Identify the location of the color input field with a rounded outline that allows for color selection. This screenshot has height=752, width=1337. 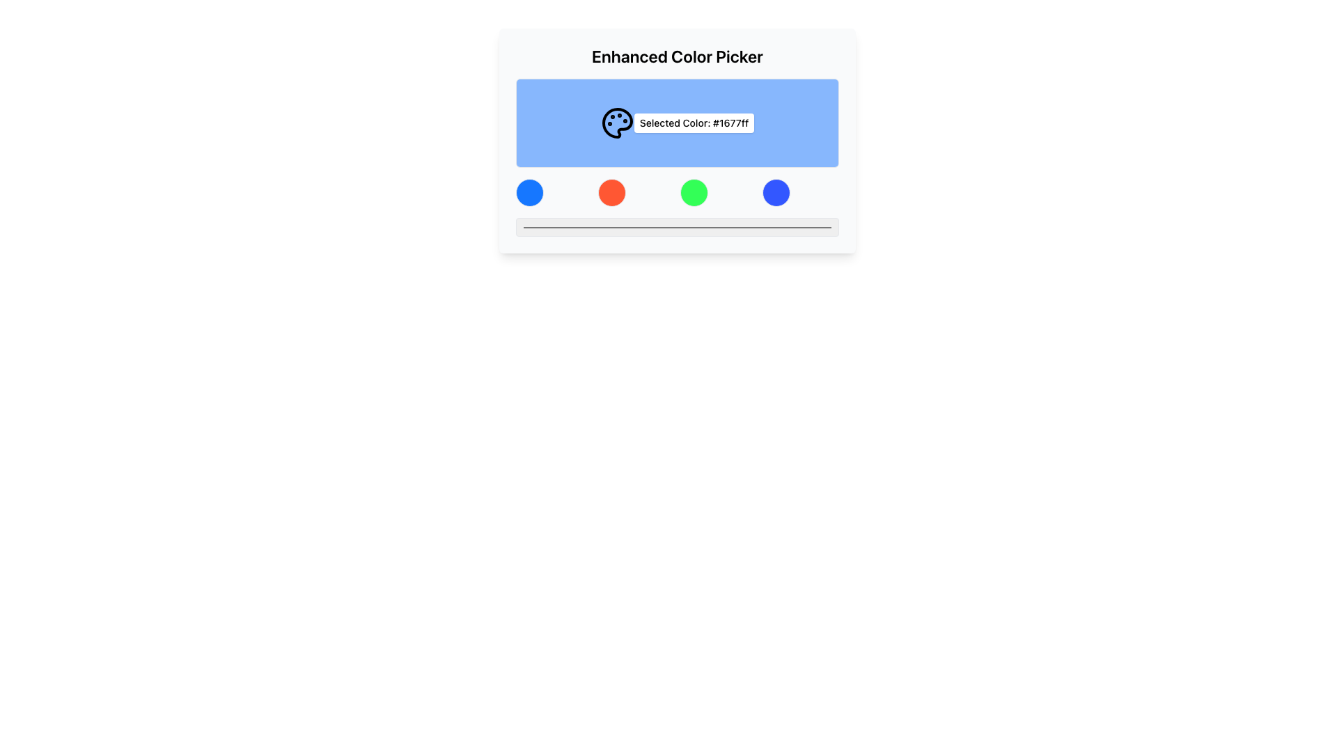
(678, 226).